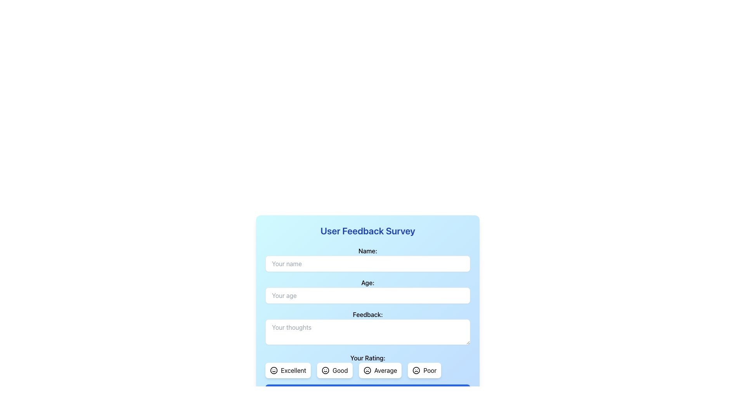 Image resolution: width=745 pixels, height=419 pixels. I want to click on the outlined circular graphical icon representing a smiley face, located to the left of the 'Excellent' text in the 'Your Rating' section, so click(274, 370).